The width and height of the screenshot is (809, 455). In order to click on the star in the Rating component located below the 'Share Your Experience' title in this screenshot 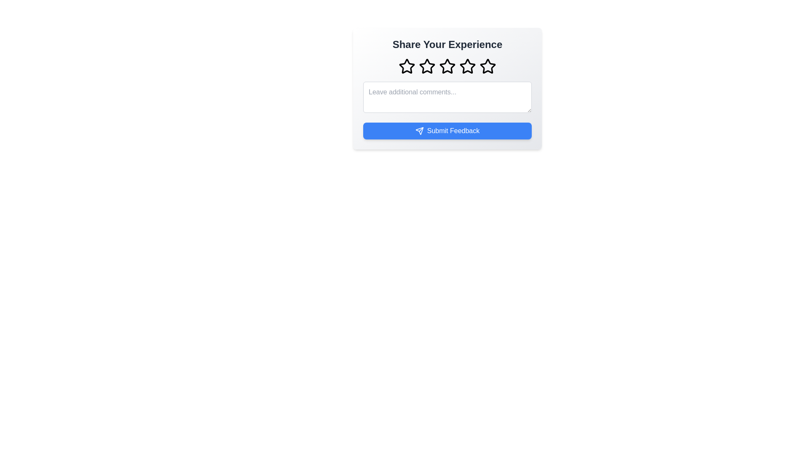, I will do `click(447, 66)`.